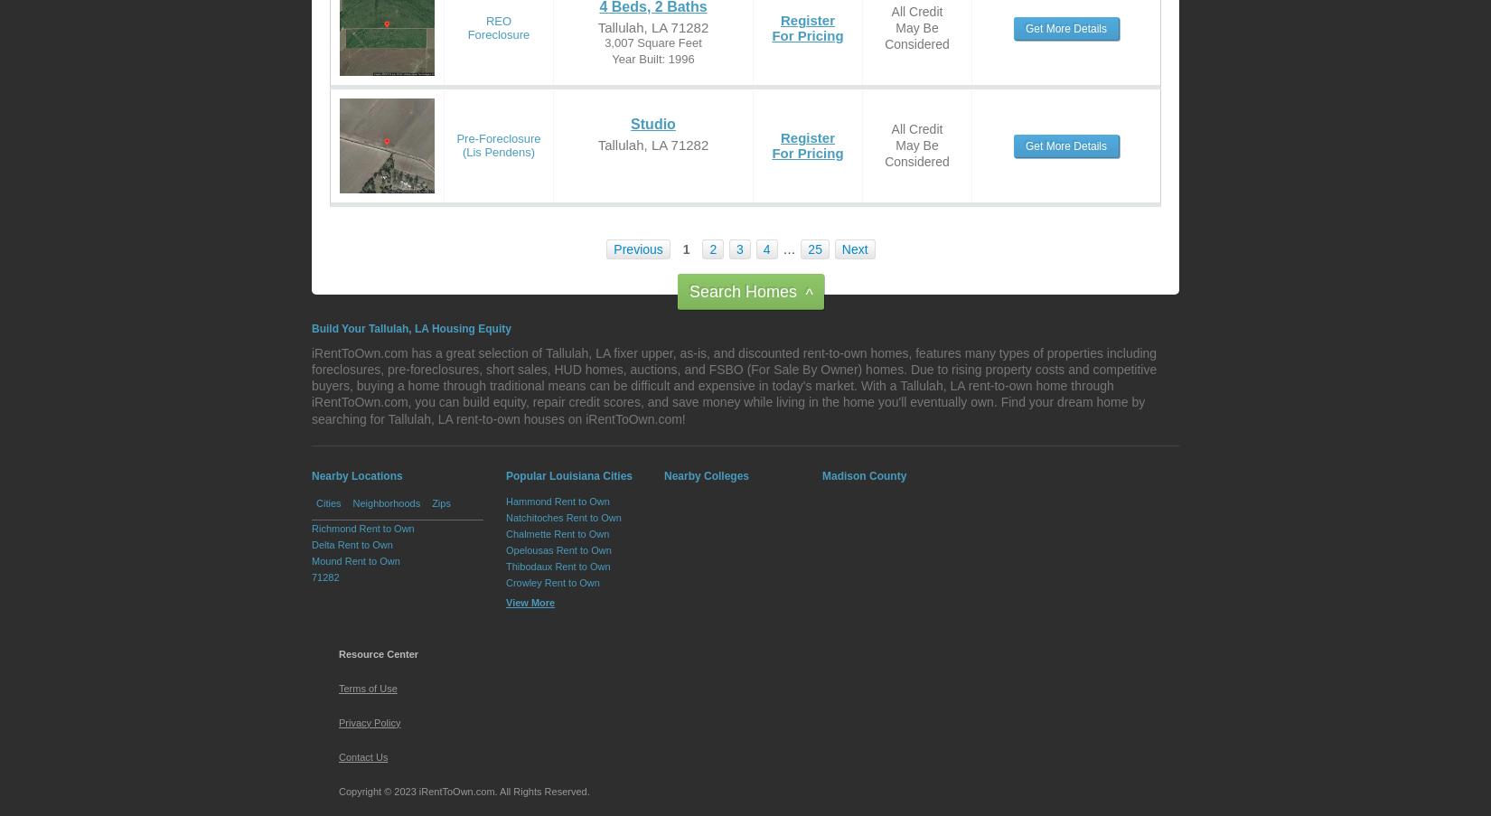  What do you see at coordinates (352, 501) in the screenshot?
I see `'Neighborhoods'` at bounding box center [352, 501].